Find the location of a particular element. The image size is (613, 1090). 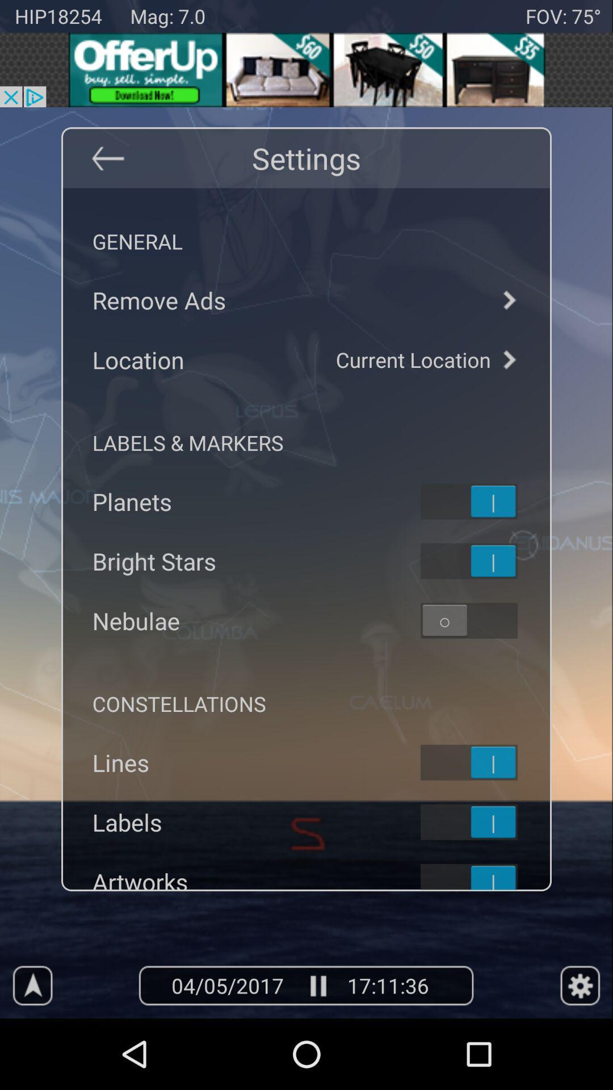

remove advertisements option is located at coordinates (508, 300).